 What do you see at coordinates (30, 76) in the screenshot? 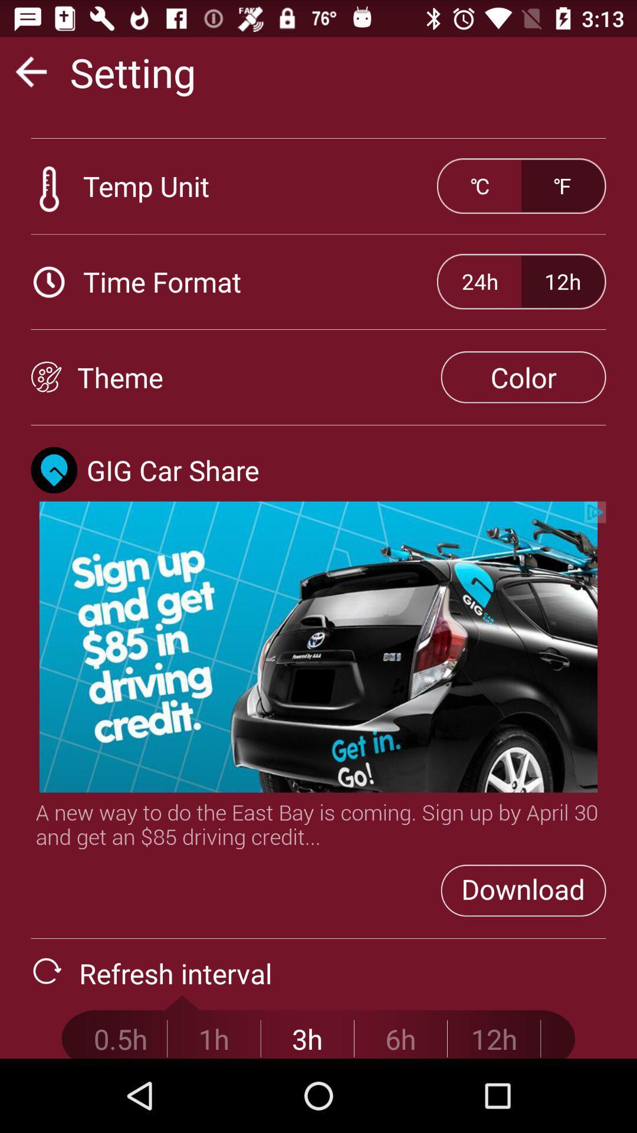
I see `the arrow_backward icon` at bounding box center [30, 76].